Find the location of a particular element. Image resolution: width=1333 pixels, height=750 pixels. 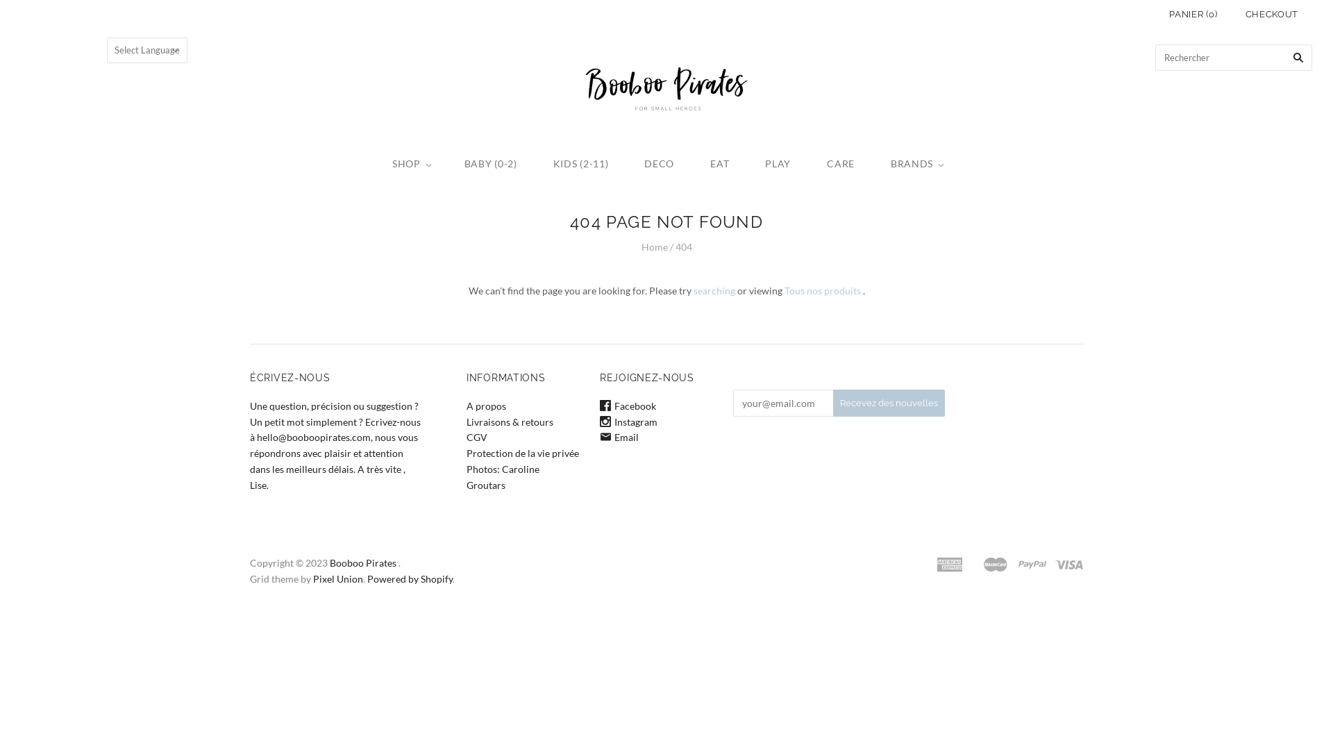

'CHECKOUT' is located at coordinates (1232, 14).